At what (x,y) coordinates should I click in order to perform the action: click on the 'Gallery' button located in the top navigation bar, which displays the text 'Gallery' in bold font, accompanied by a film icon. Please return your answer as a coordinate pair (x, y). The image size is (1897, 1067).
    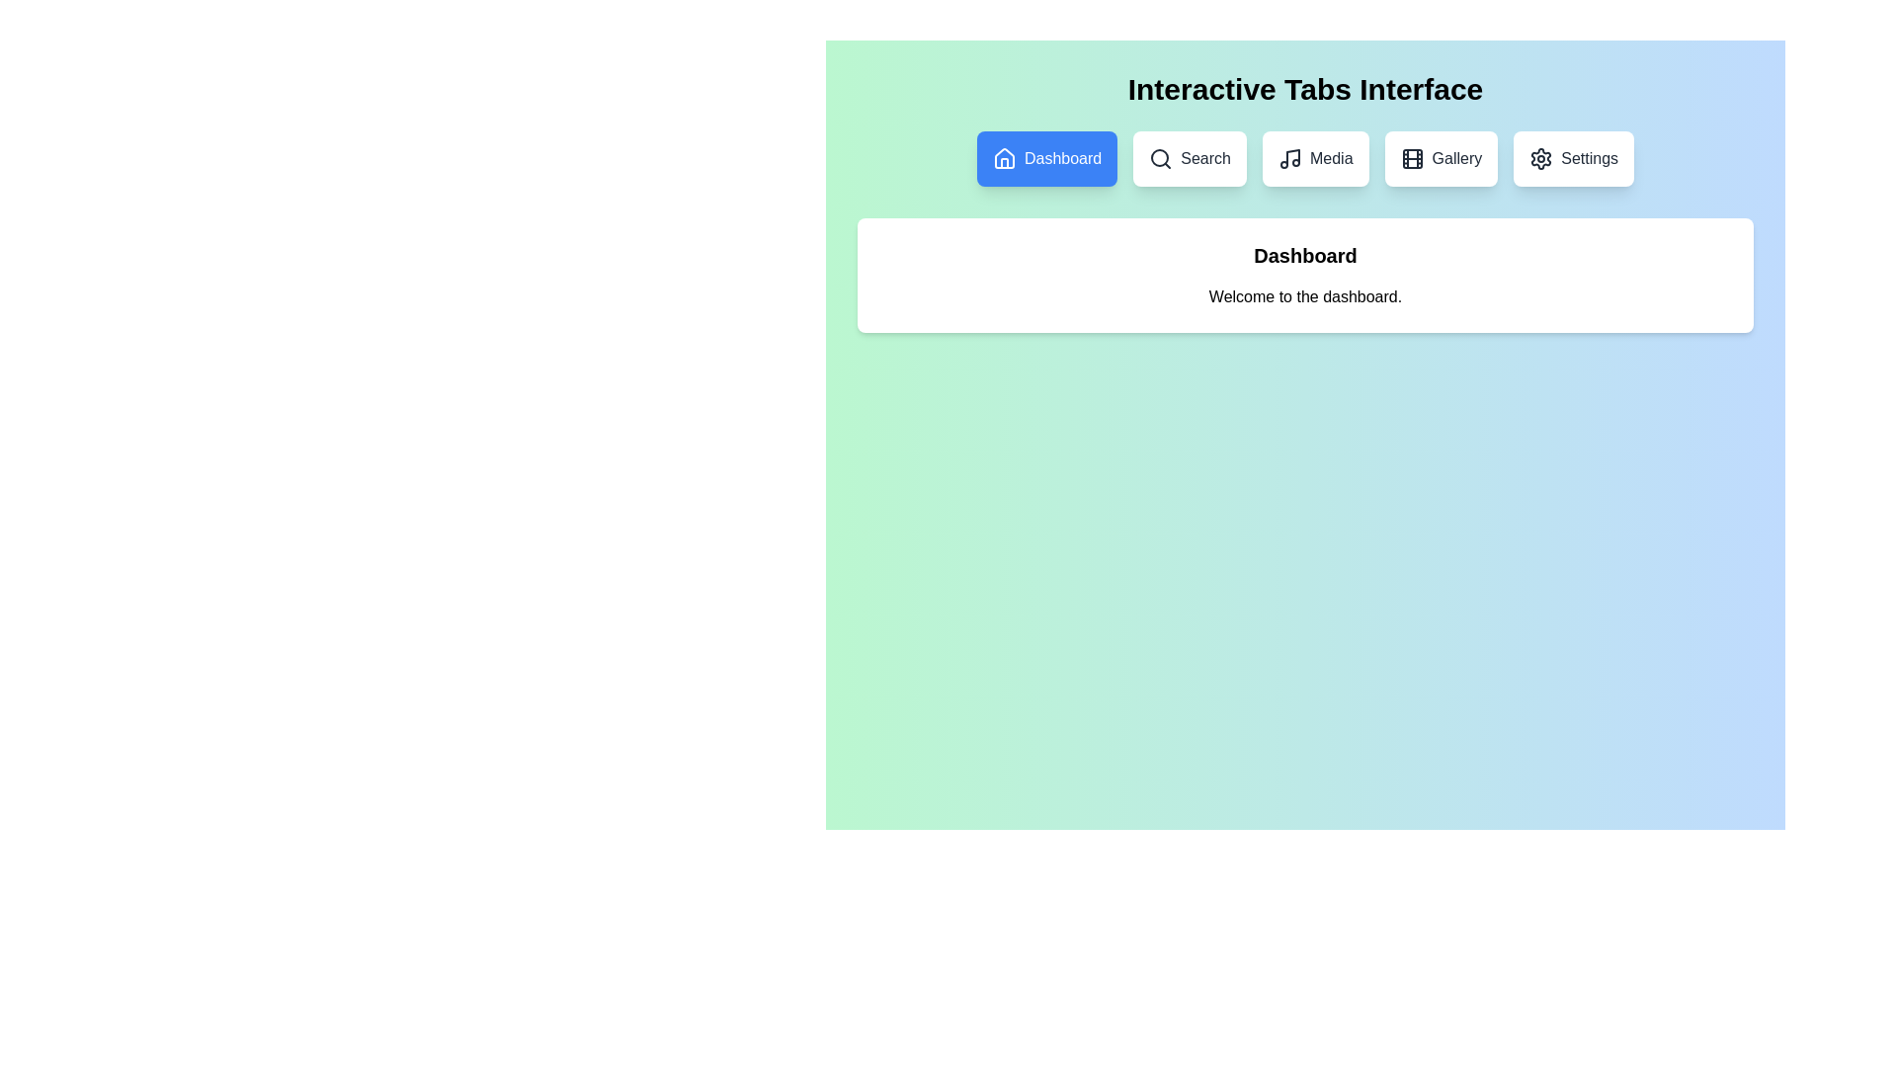
    Looking at the image, I should click on (1456, 158).